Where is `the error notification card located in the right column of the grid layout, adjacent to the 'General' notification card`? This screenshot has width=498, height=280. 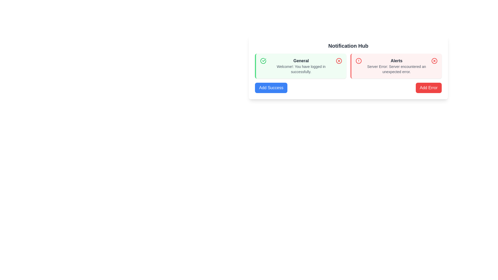
the error notification card located in the right column of the grid layout, adjacent to the 'General' notification card is located at coordinates (396, 66).